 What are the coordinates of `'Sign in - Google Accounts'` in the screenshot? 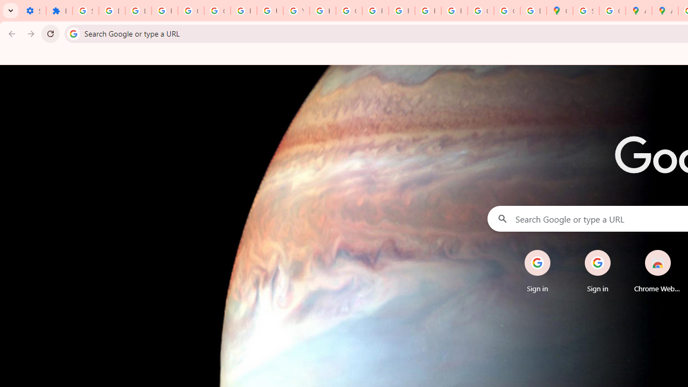 It's located at (585, 11).